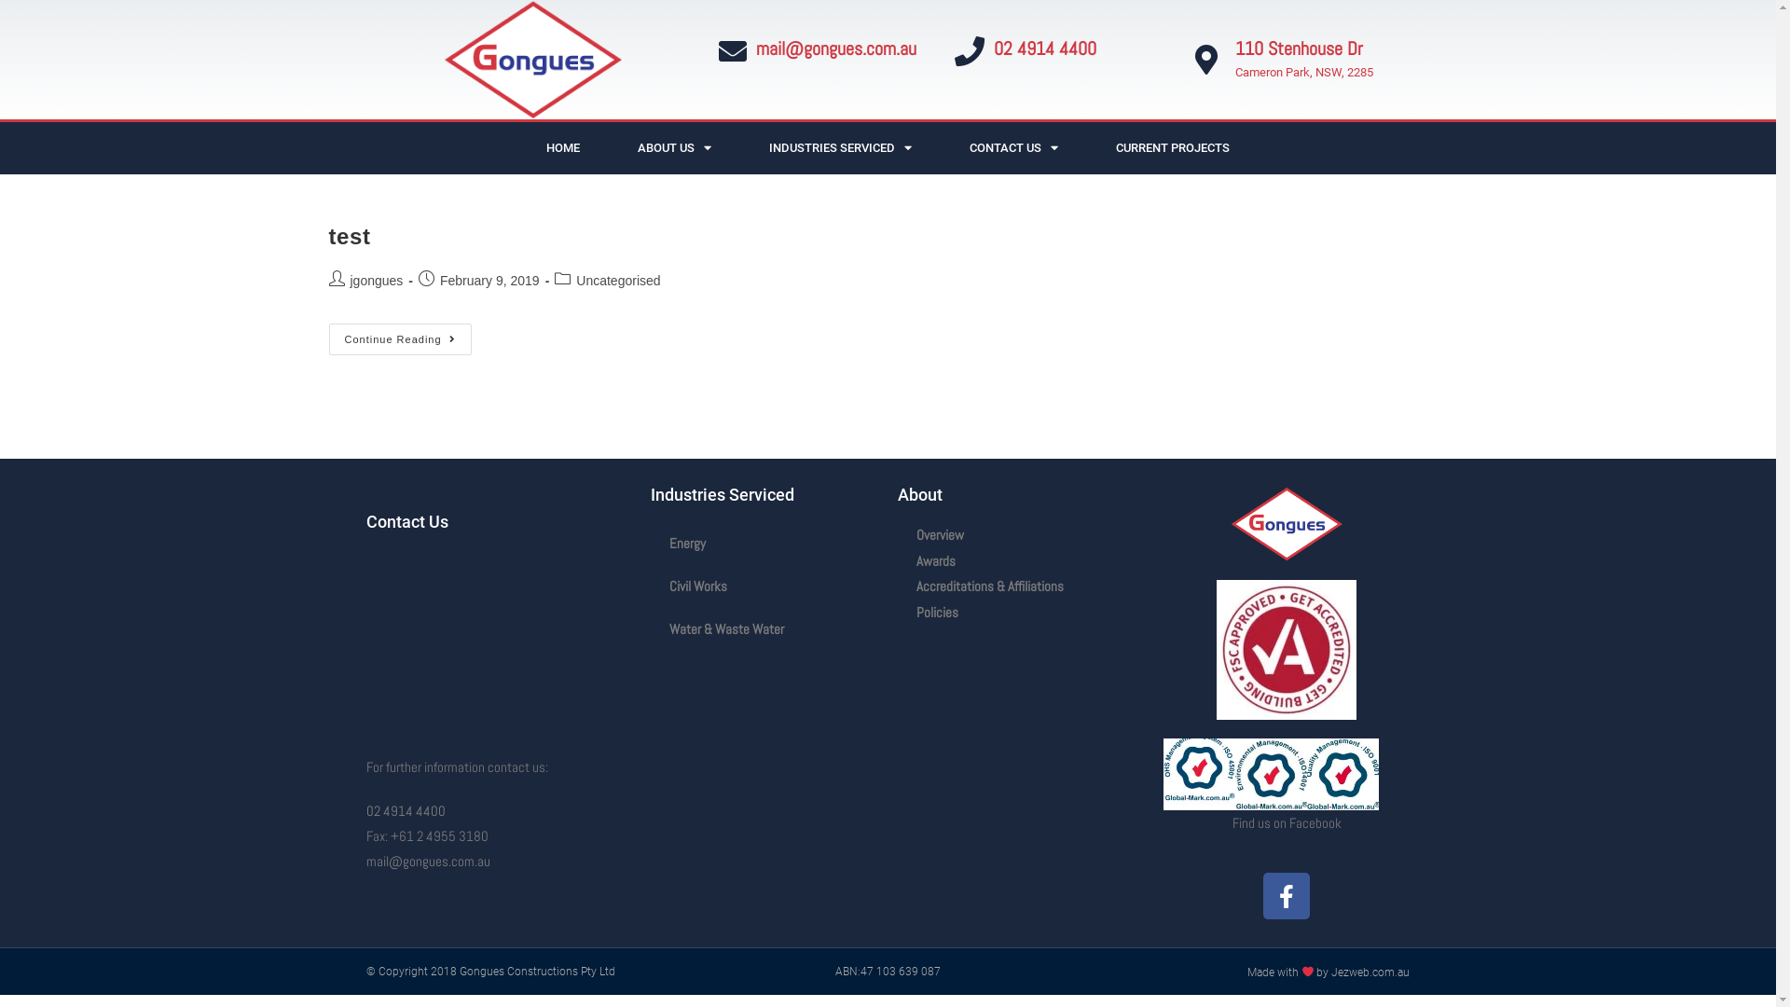 Image resolution: width=1790 pixels, height=1007 pixels. I want to click on 'Made with by Jezweb.com.au', so click(1328, 971).